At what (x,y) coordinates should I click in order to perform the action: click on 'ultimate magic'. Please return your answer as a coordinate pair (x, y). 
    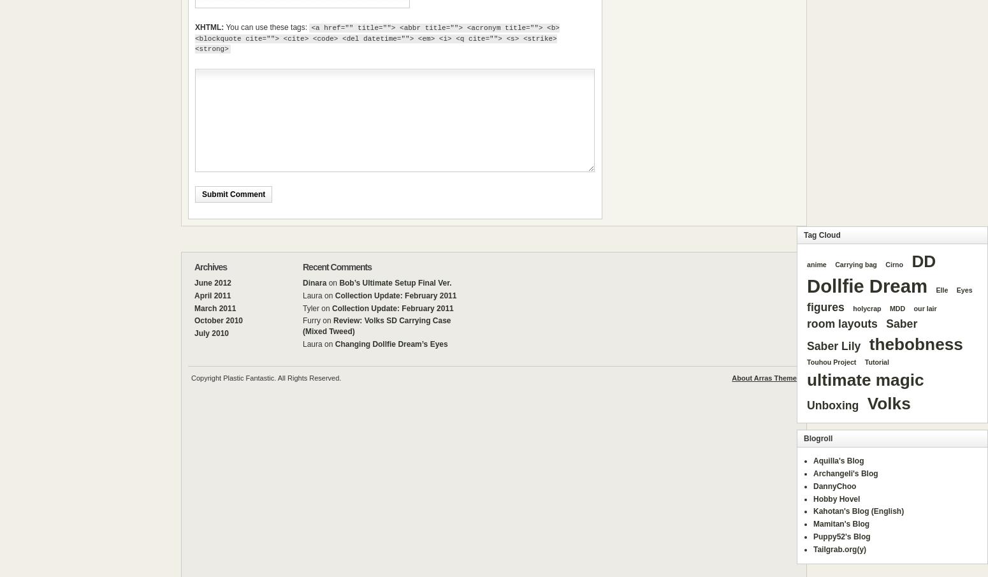
    Looking at the image, I should click on (865, 379).